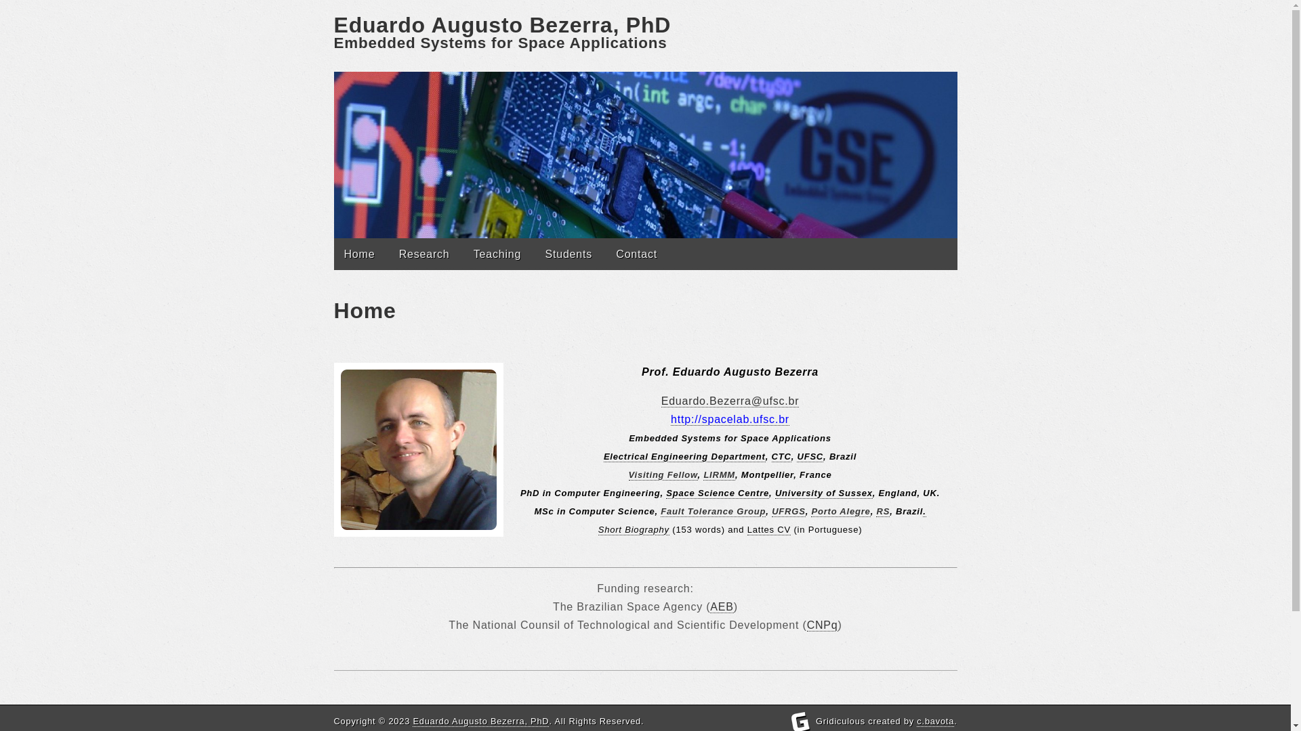  What do you see at coordinates (358, 254) in the screenshot?
I see `'Home'` at bounding box center [358, 254].